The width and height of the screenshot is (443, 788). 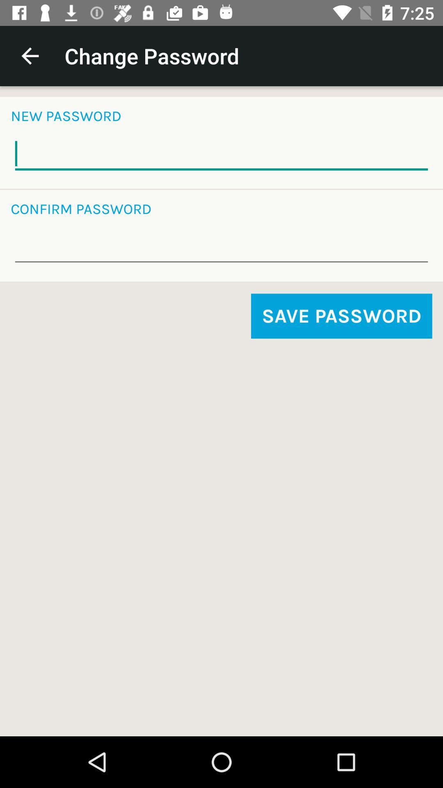 I want to click on input password for verification, so click(x=221, y=246).